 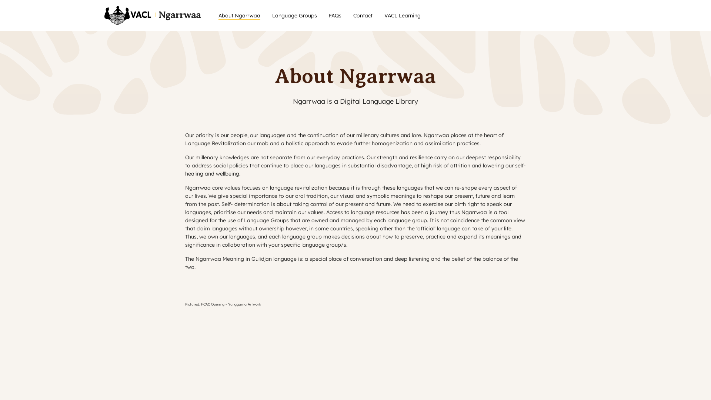 What do you see at coordinates (294, 16) in the screenshot?
I see `'Language Groups'` at bounding box center [294, 16].